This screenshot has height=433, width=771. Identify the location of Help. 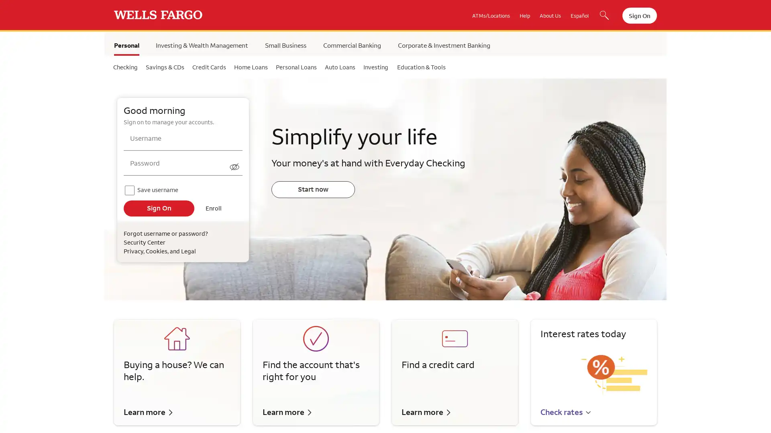
(524, 15).